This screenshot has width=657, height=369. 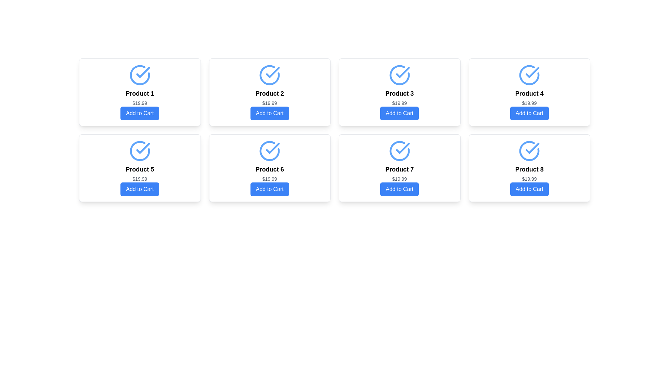 I want to click on the non-interactive confirmation icon representing 'Product 5' located in the second row, first column of the product grid, so click(x=139, y=151).